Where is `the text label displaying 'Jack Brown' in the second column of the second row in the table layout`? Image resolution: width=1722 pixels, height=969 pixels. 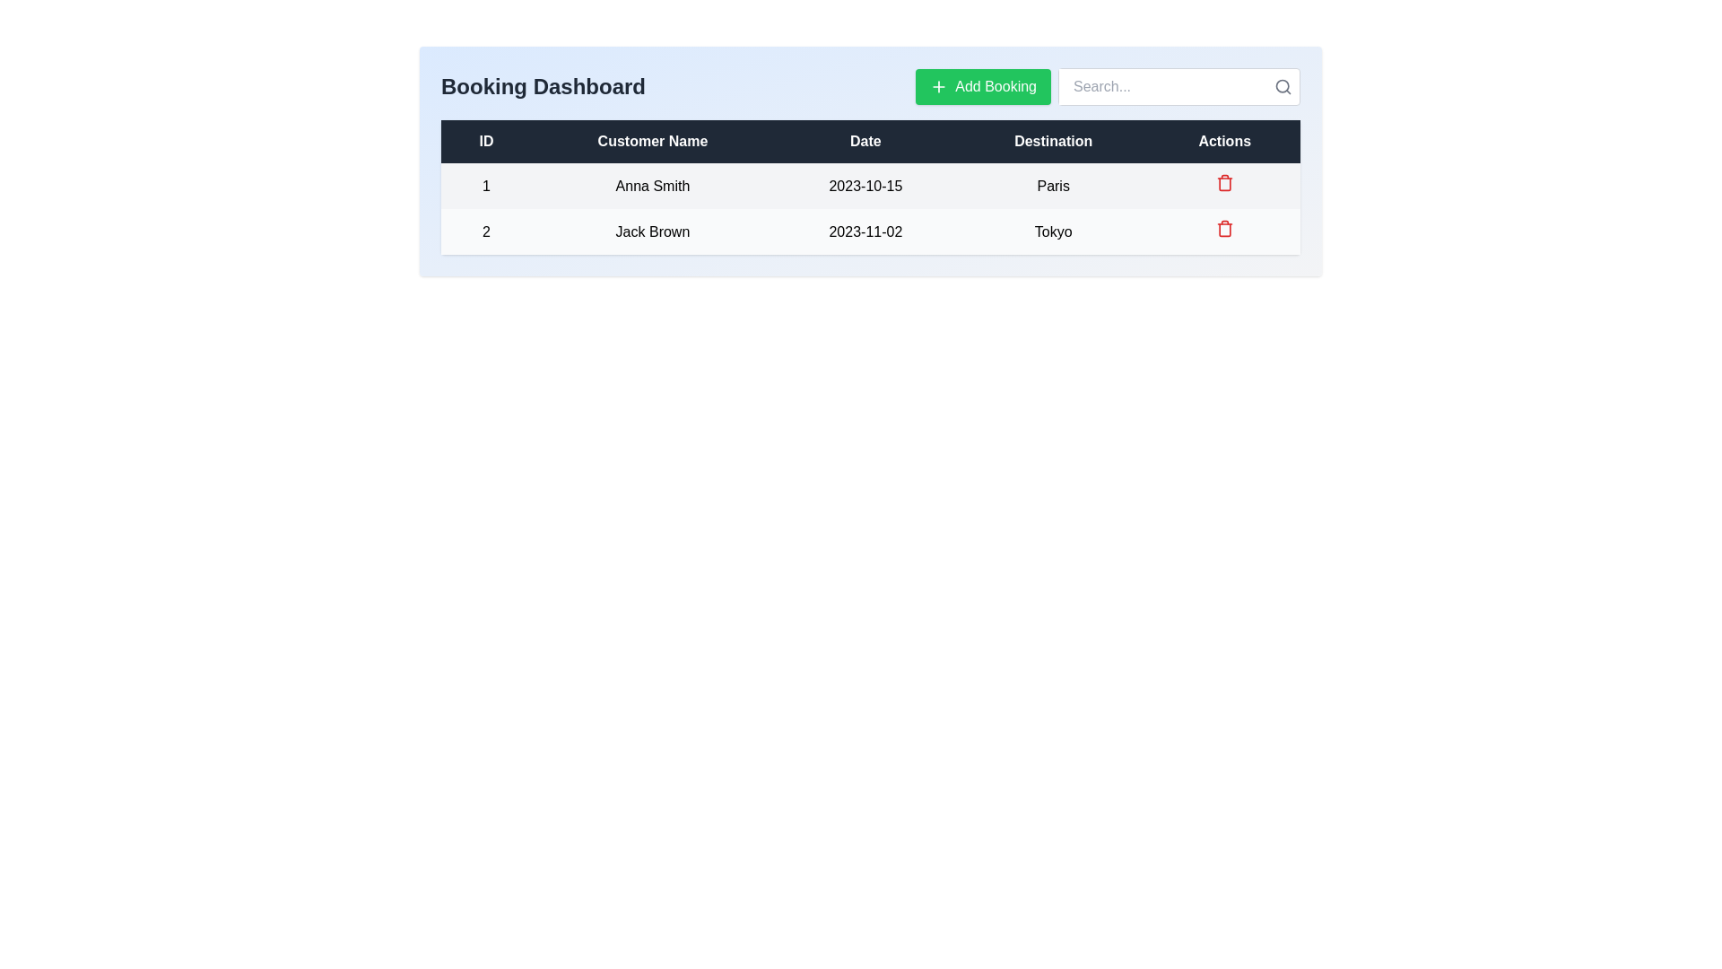
the text label displaying 'Jack Brown' in the second column of the second row in the table layout is located at coordinates (651, 231).